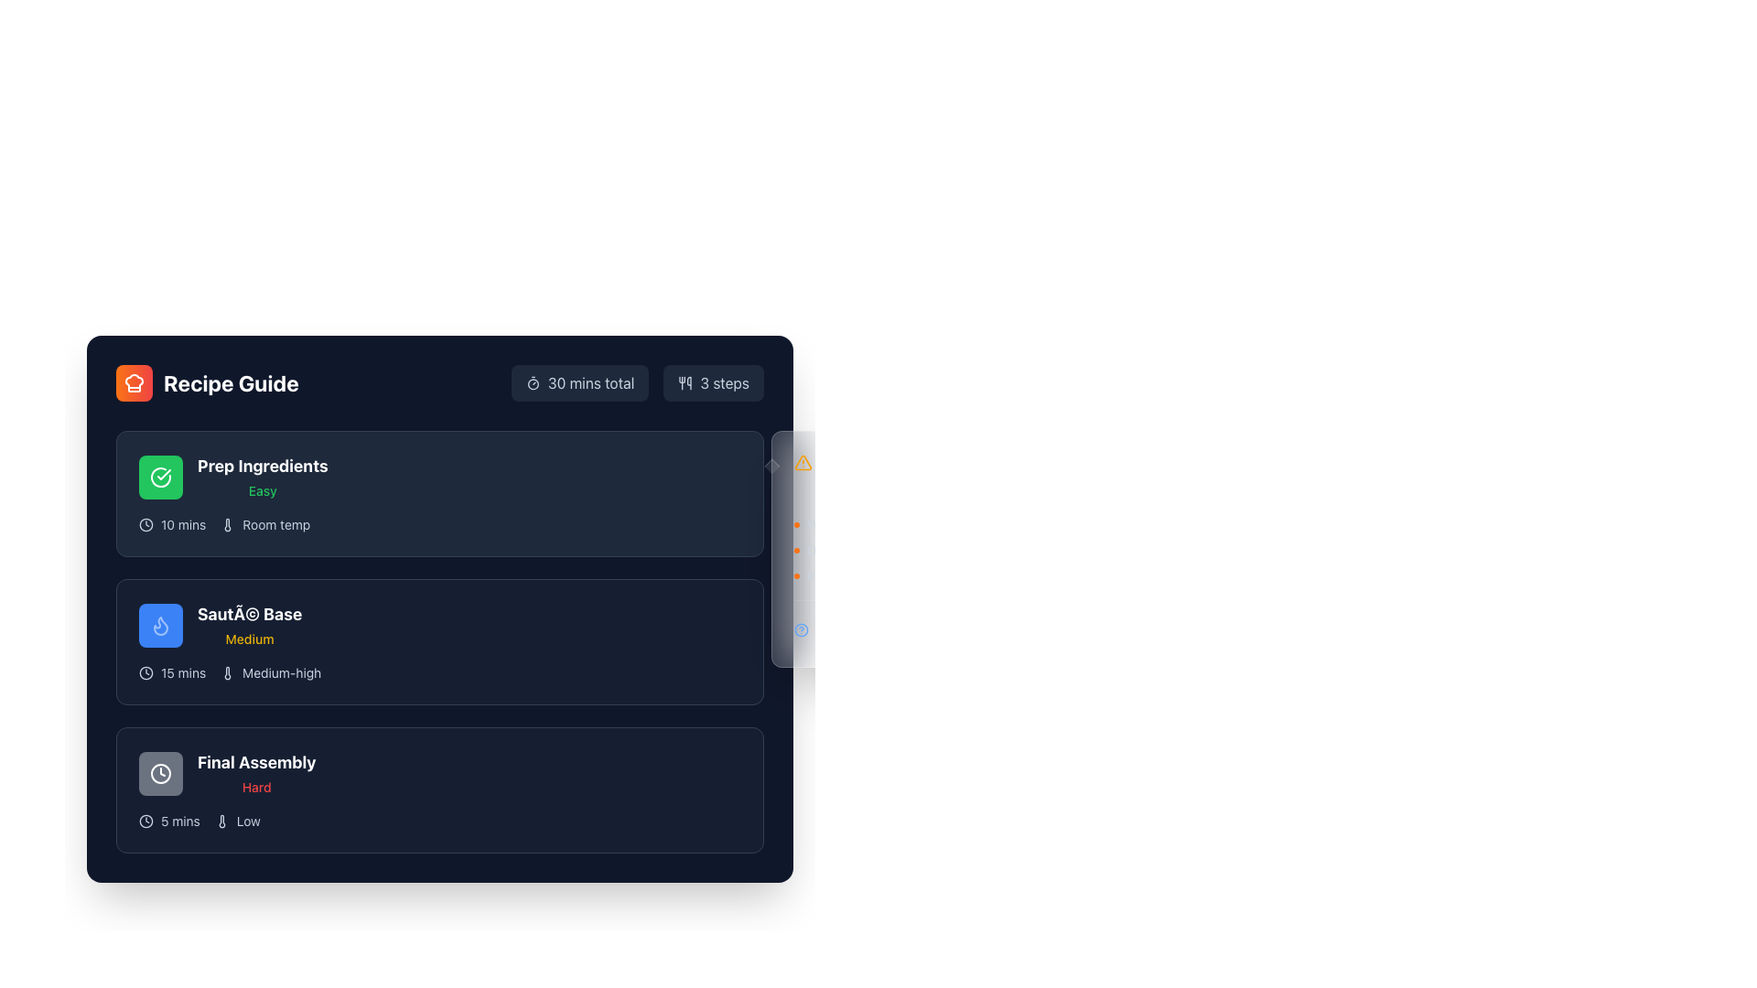 Image resolution: width=1757 pixels, height=988 pixels. What do you see at coordinates (161, 624) in the screenshot?
I see `the flame icon button representing the 'Sauté Base' step in the recipe guide` at bounding box center [161, 624].